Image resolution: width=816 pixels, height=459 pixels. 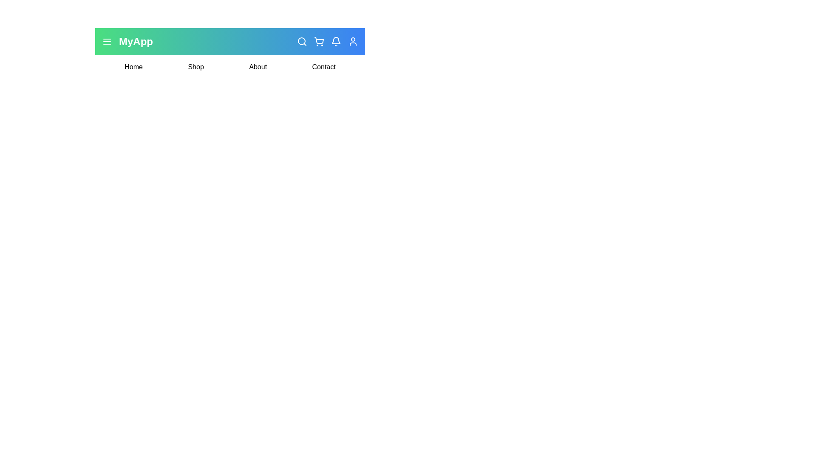 What do you see at coordinates (195, 67) in the screenshot?
I see `the Shop navigation link to navigate to that section` at bounding box center [195, 67].